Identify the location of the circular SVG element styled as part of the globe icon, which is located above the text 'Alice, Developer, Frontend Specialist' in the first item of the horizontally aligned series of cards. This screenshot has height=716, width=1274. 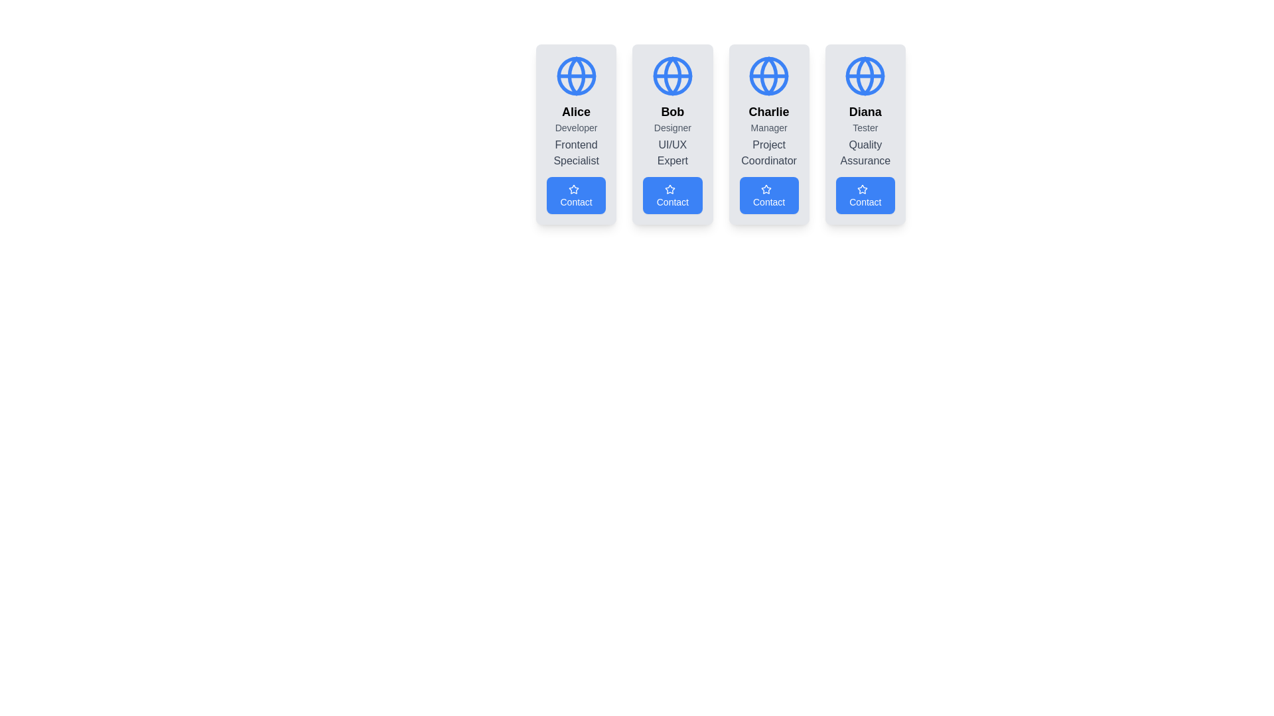
(576, 76).